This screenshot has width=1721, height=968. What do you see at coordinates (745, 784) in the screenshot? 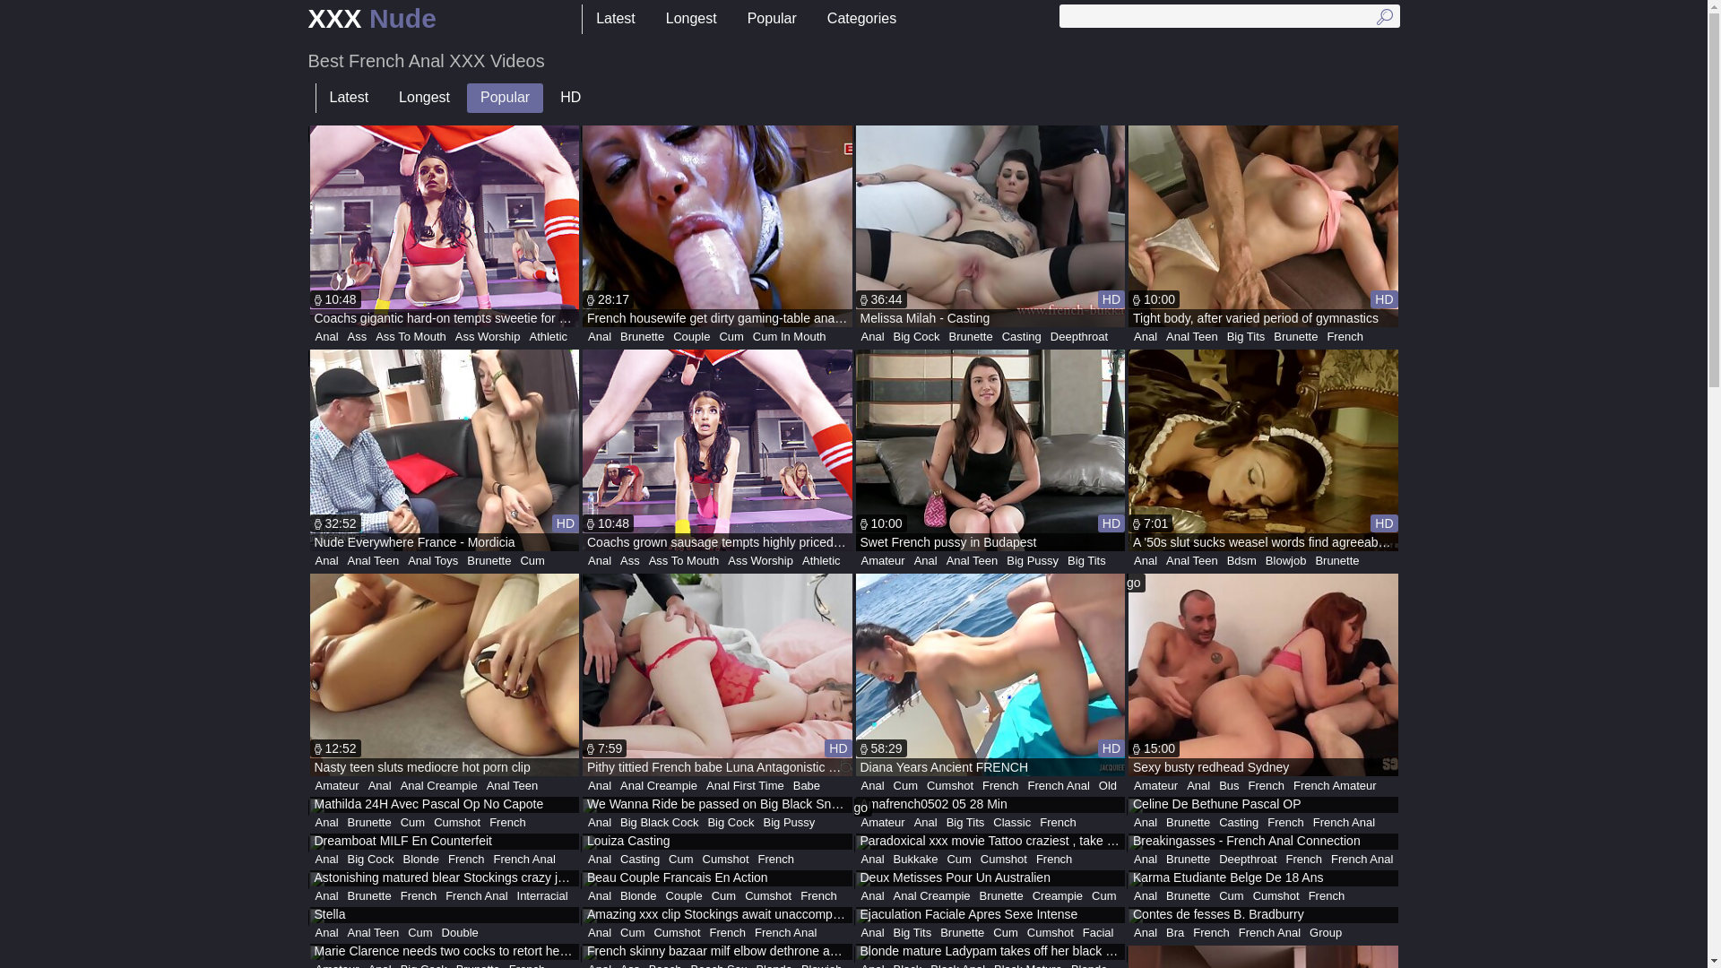
I see `'Anal First Time'` at bounding box center [745, 784].